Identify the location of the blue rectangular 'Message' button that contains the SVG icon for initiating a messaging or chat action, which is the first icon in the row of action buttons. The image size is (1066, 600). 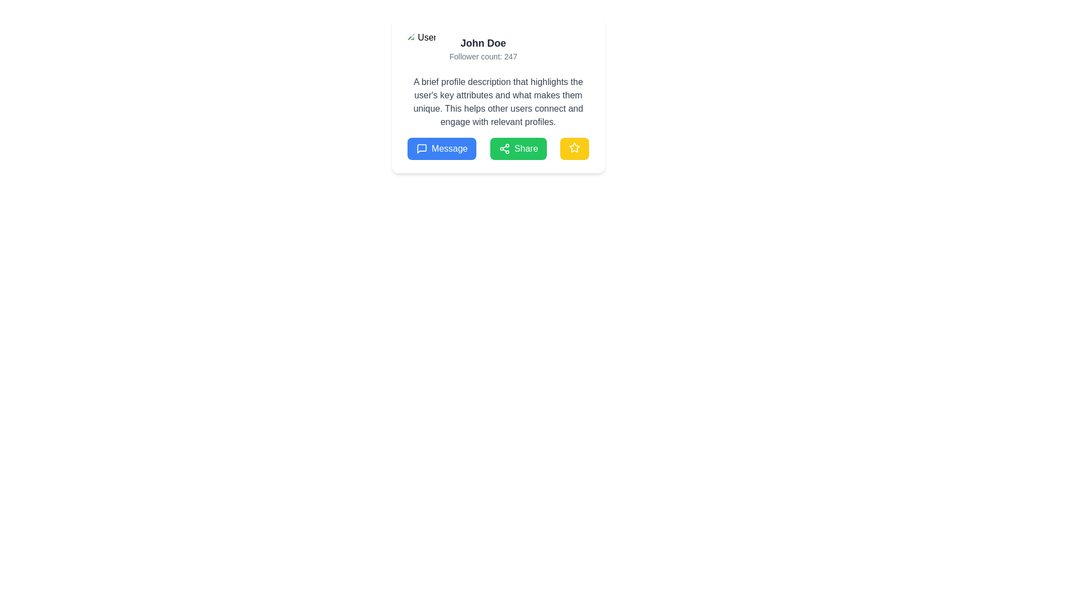
(421, 148).